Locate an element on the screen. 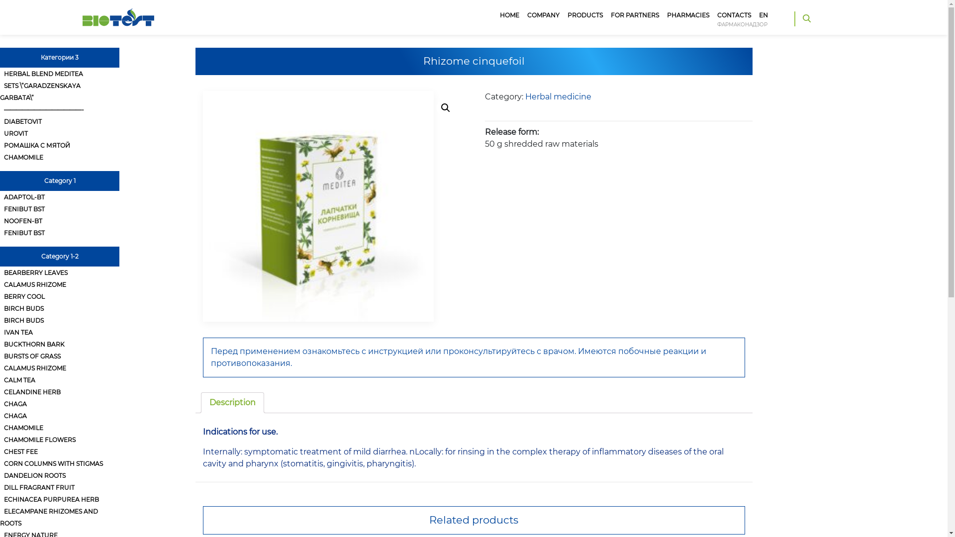 The height and width of the screenshot is (537, 955). 'CELANDINE HERB' is located at coordinates (32, 391).